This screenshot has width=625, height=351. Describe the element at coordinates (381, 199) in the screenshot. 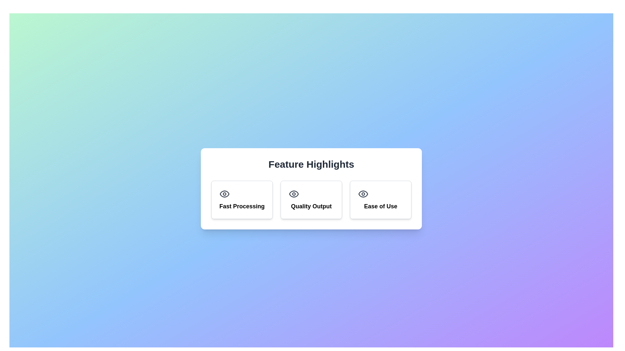

I see `the Interactive Card that emphasizes the 'Ease of Use' feature, located as the third item in a row of three cards in the center-right region of the grid` at that location.